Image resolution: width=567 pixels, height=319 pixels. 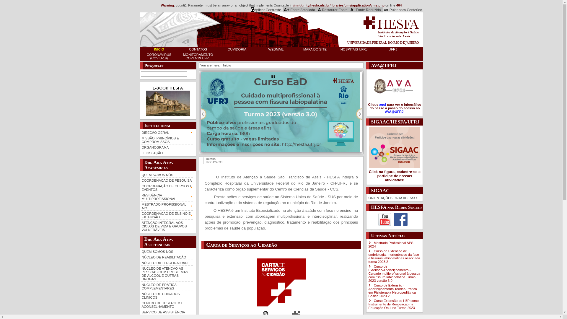 I want to click on 'WEBMAIL', so click(x=276, y=49).